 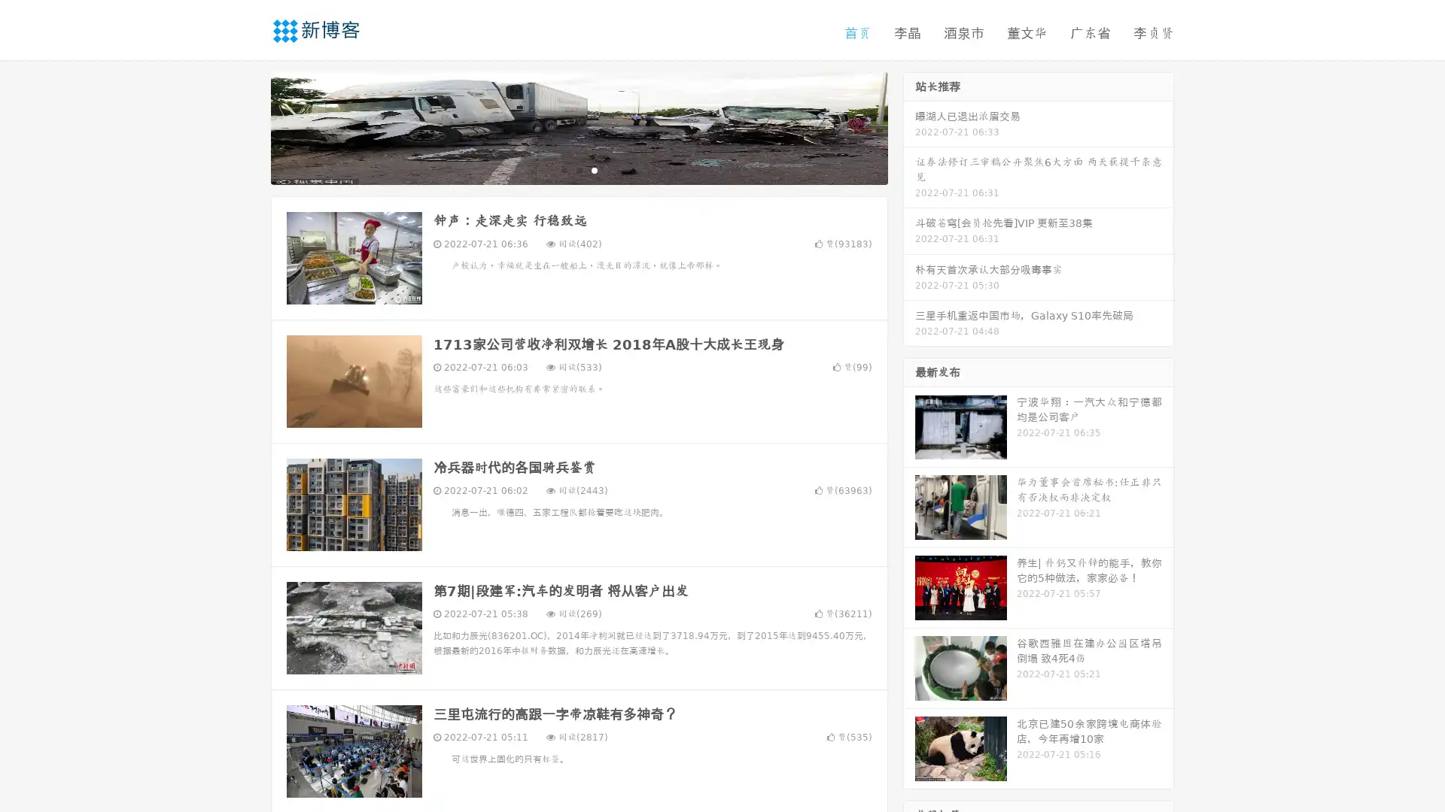 What do you see at coordinates (563, 169) in the screenshot?
I see `Go to slide 1` at bounding box center [563, 169].